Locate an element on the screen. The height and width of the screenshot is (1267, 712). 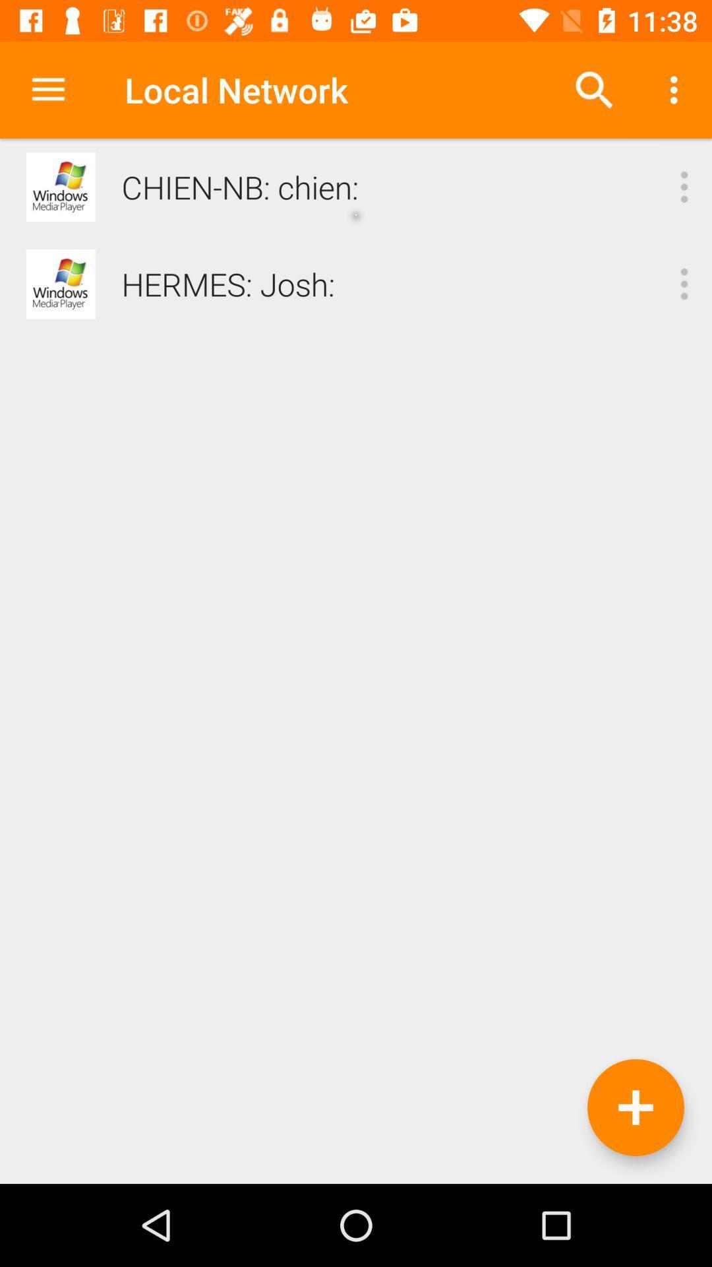
new is located at coordinates (635, 1107).